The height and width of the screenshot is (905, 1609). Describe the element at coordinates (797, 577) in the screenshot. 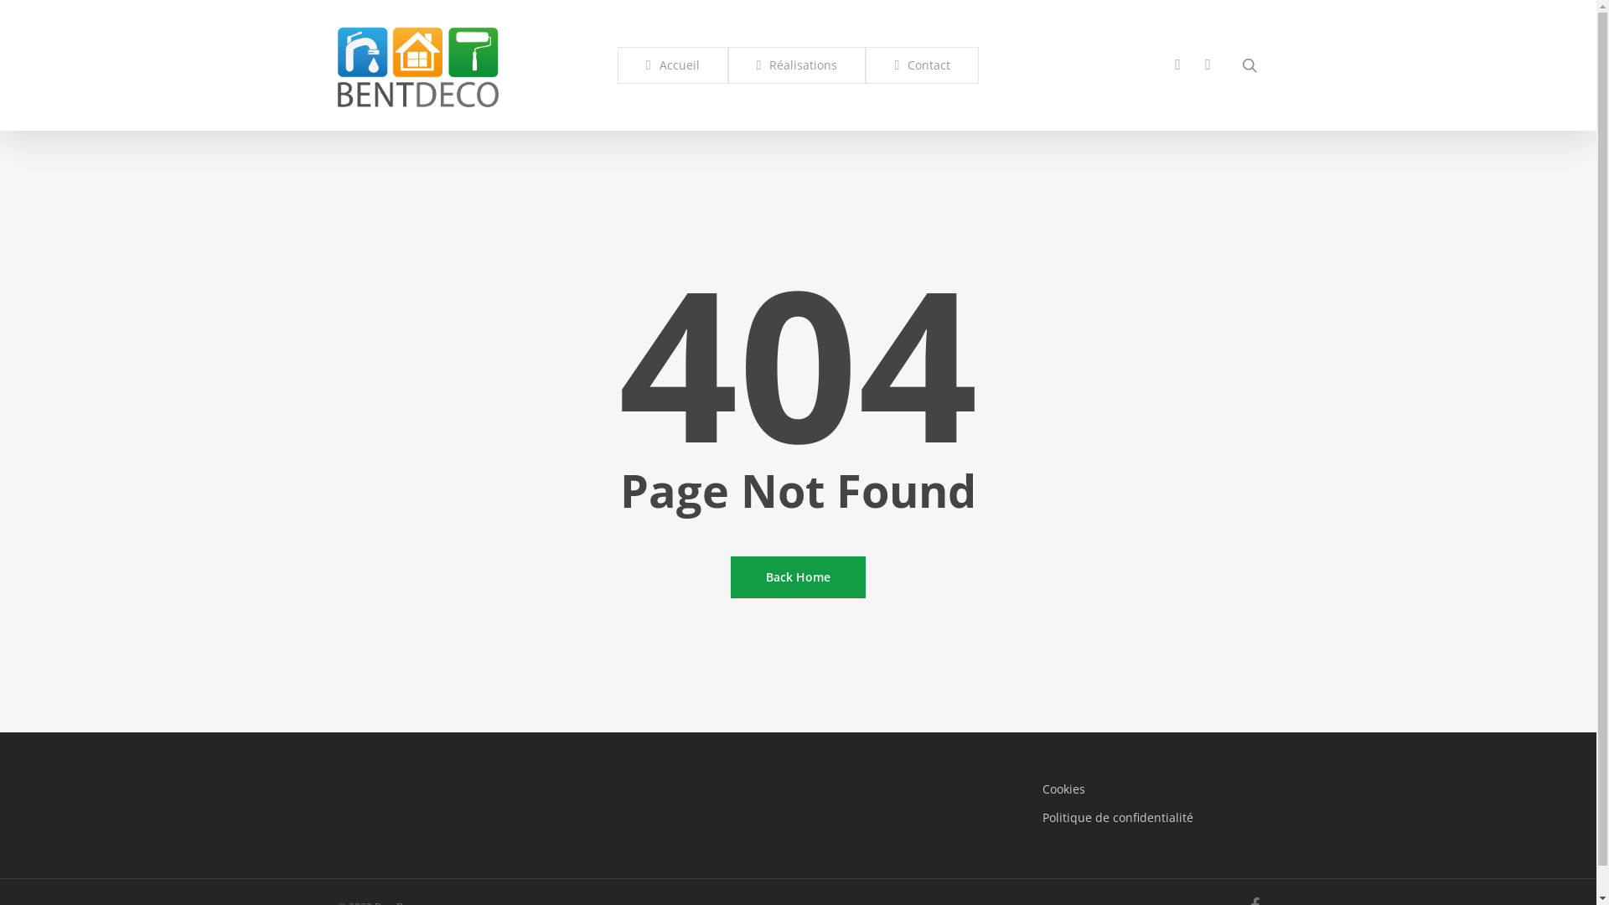

I see `'Back Home'` at that location.